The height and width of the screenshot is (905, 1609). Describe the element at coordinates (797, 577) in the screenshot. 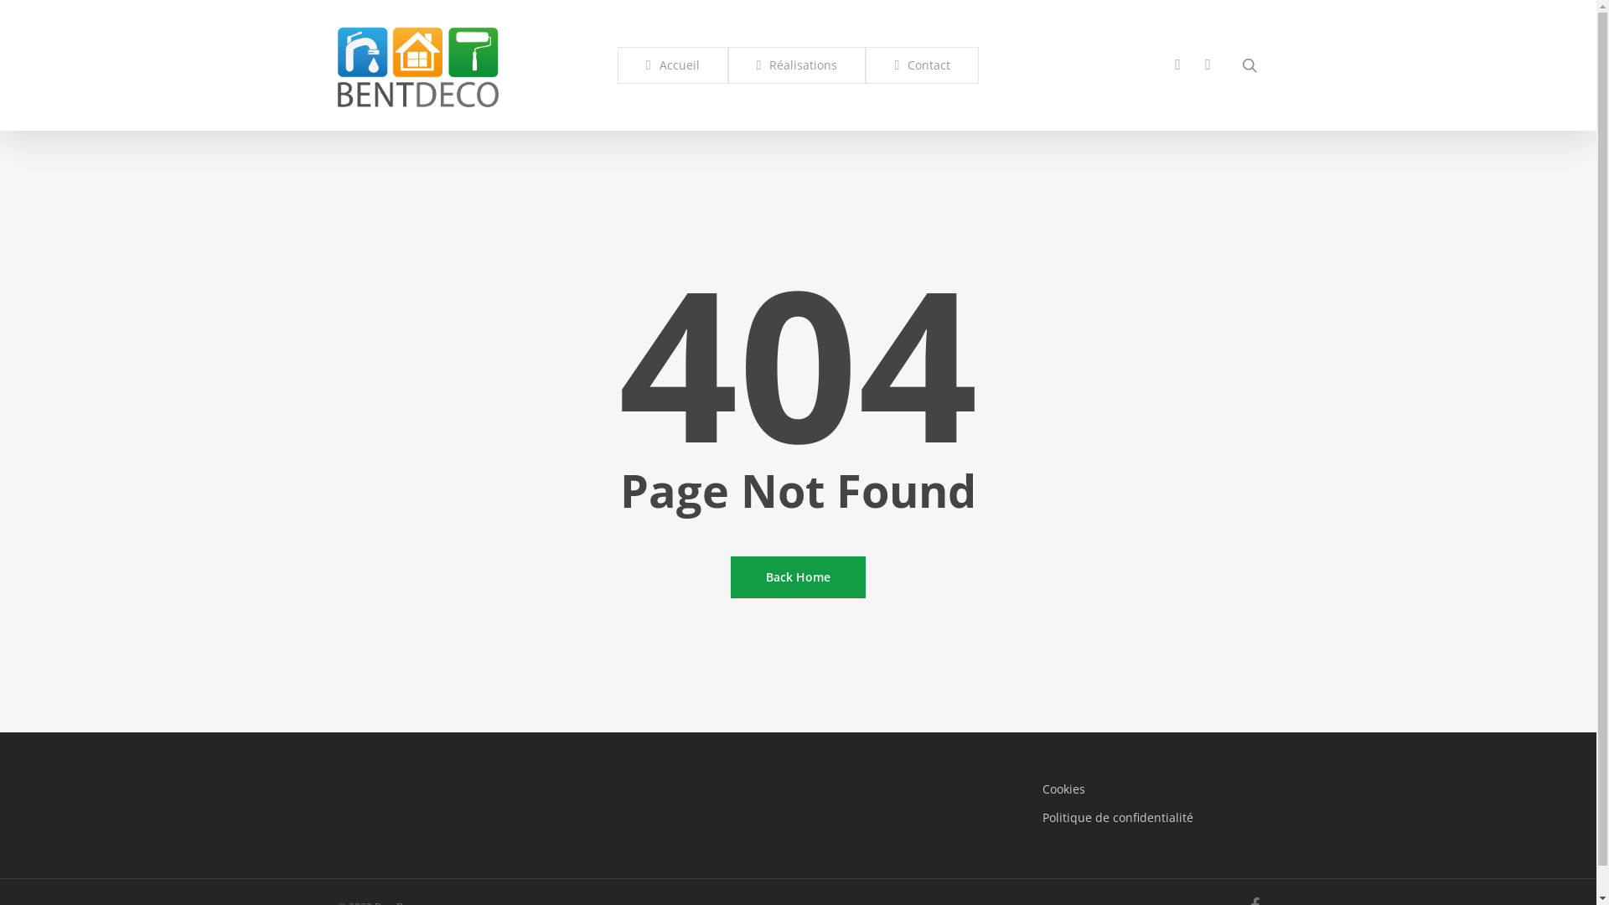

I see `'Back Home'` at that location.